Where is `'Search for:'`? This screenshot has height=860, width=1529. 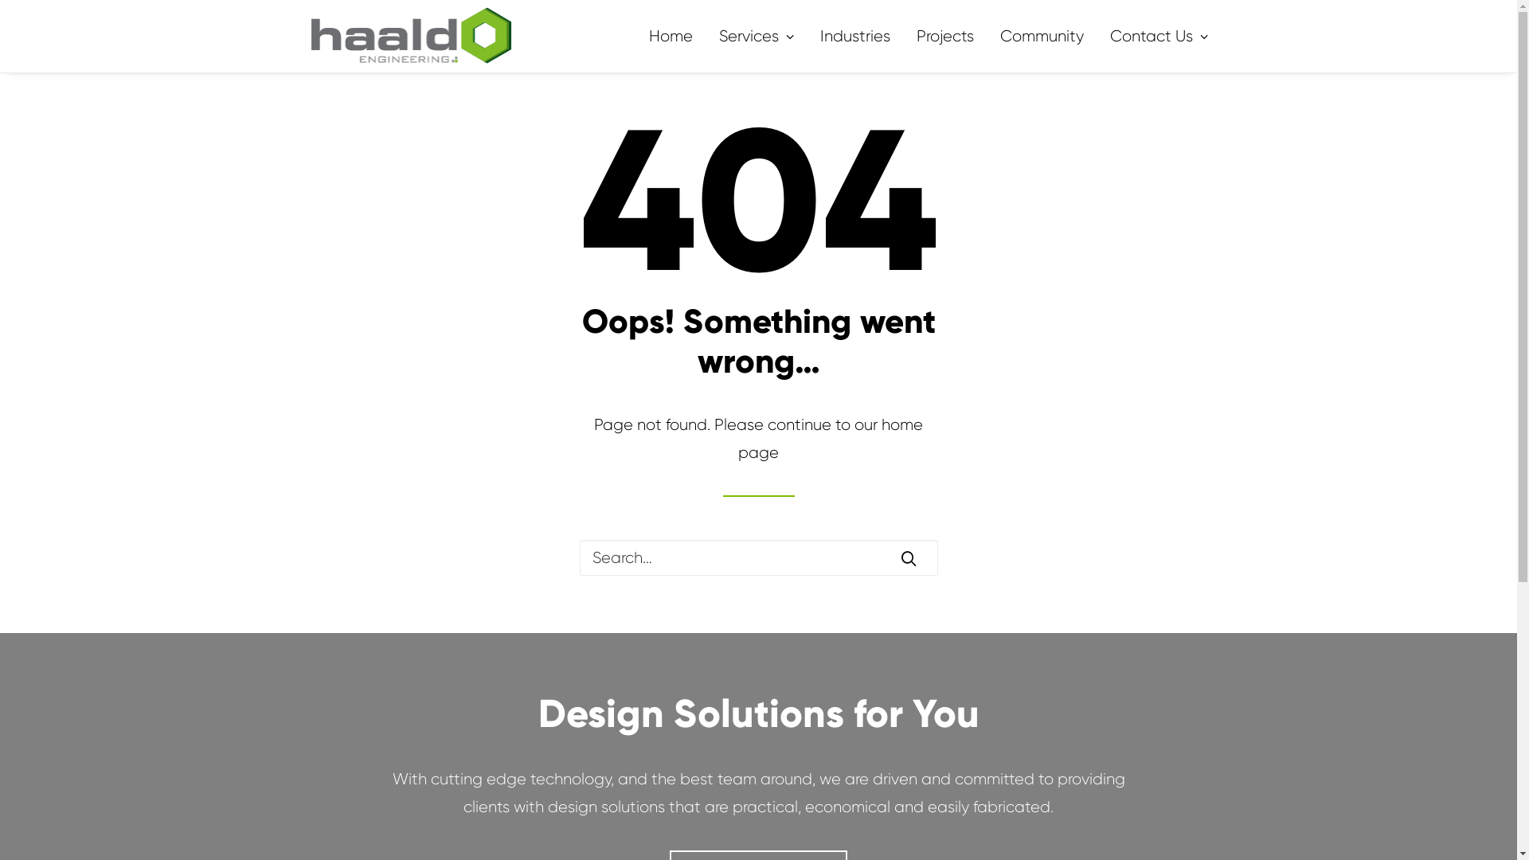 'Search for:' is located at coordinates (758, 557).